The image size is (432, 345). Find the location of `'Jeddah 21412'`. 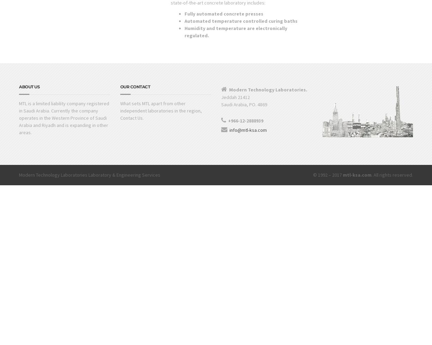

'Jeddah 21412' is located at coordinates (221, 97).